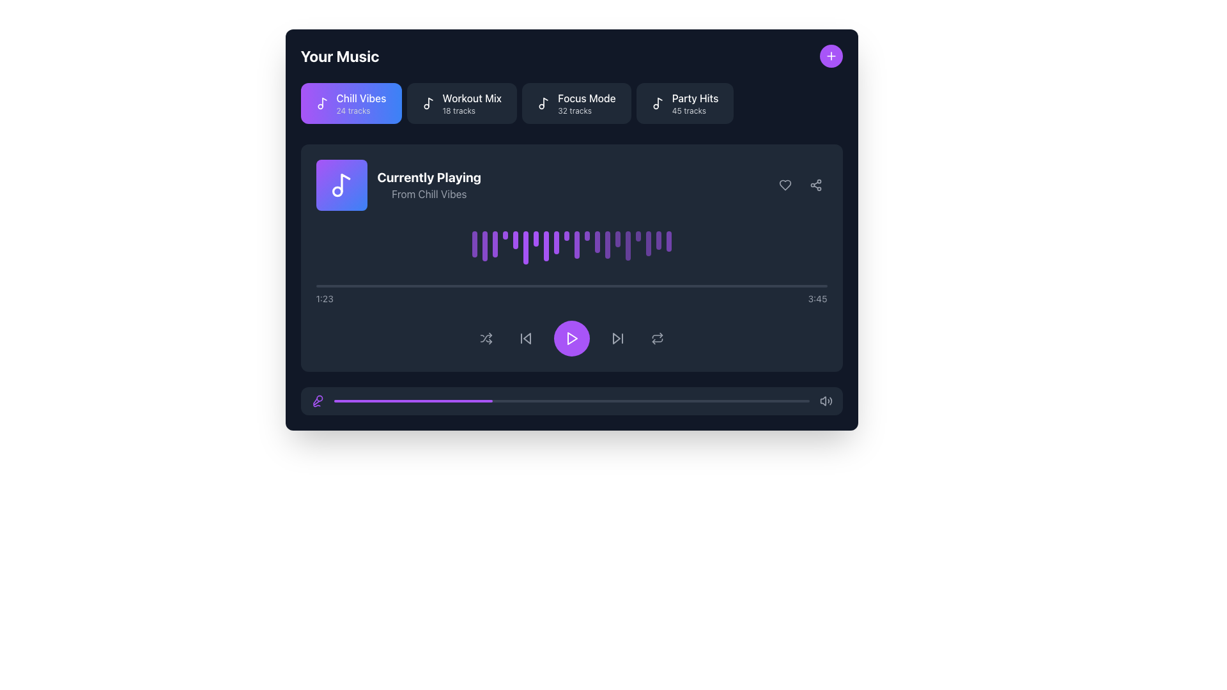  I want to click on playback time, so click(348, 286).